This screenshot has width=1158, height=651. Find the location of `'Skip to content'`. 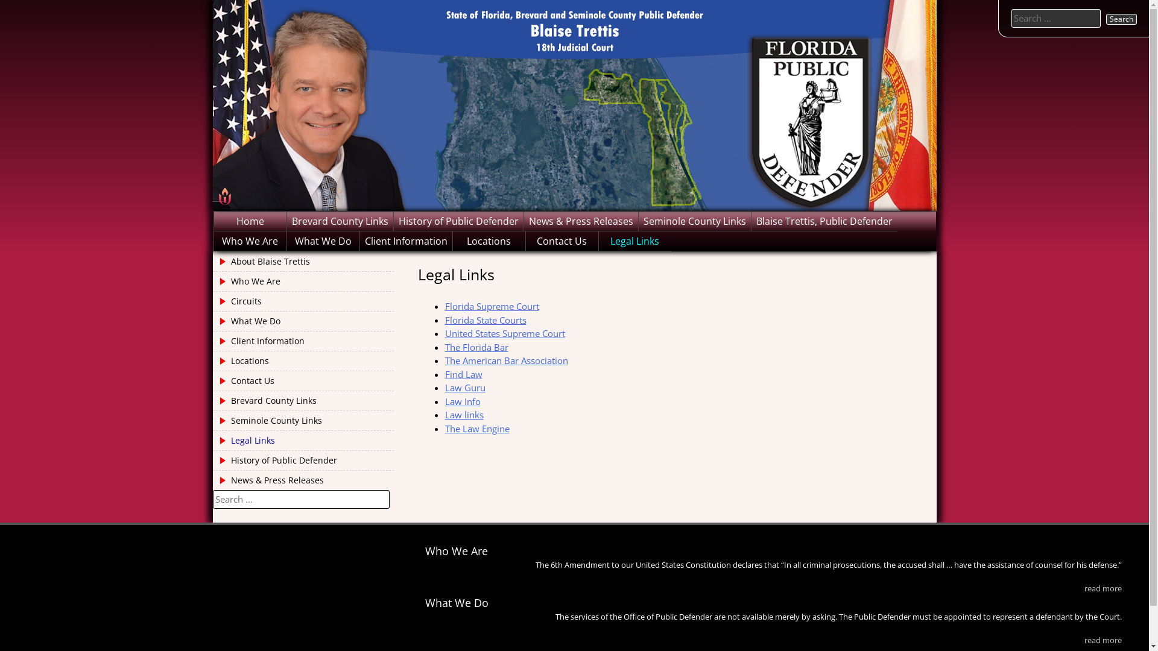

'Skip to content' is located at coordinates (0, 0).